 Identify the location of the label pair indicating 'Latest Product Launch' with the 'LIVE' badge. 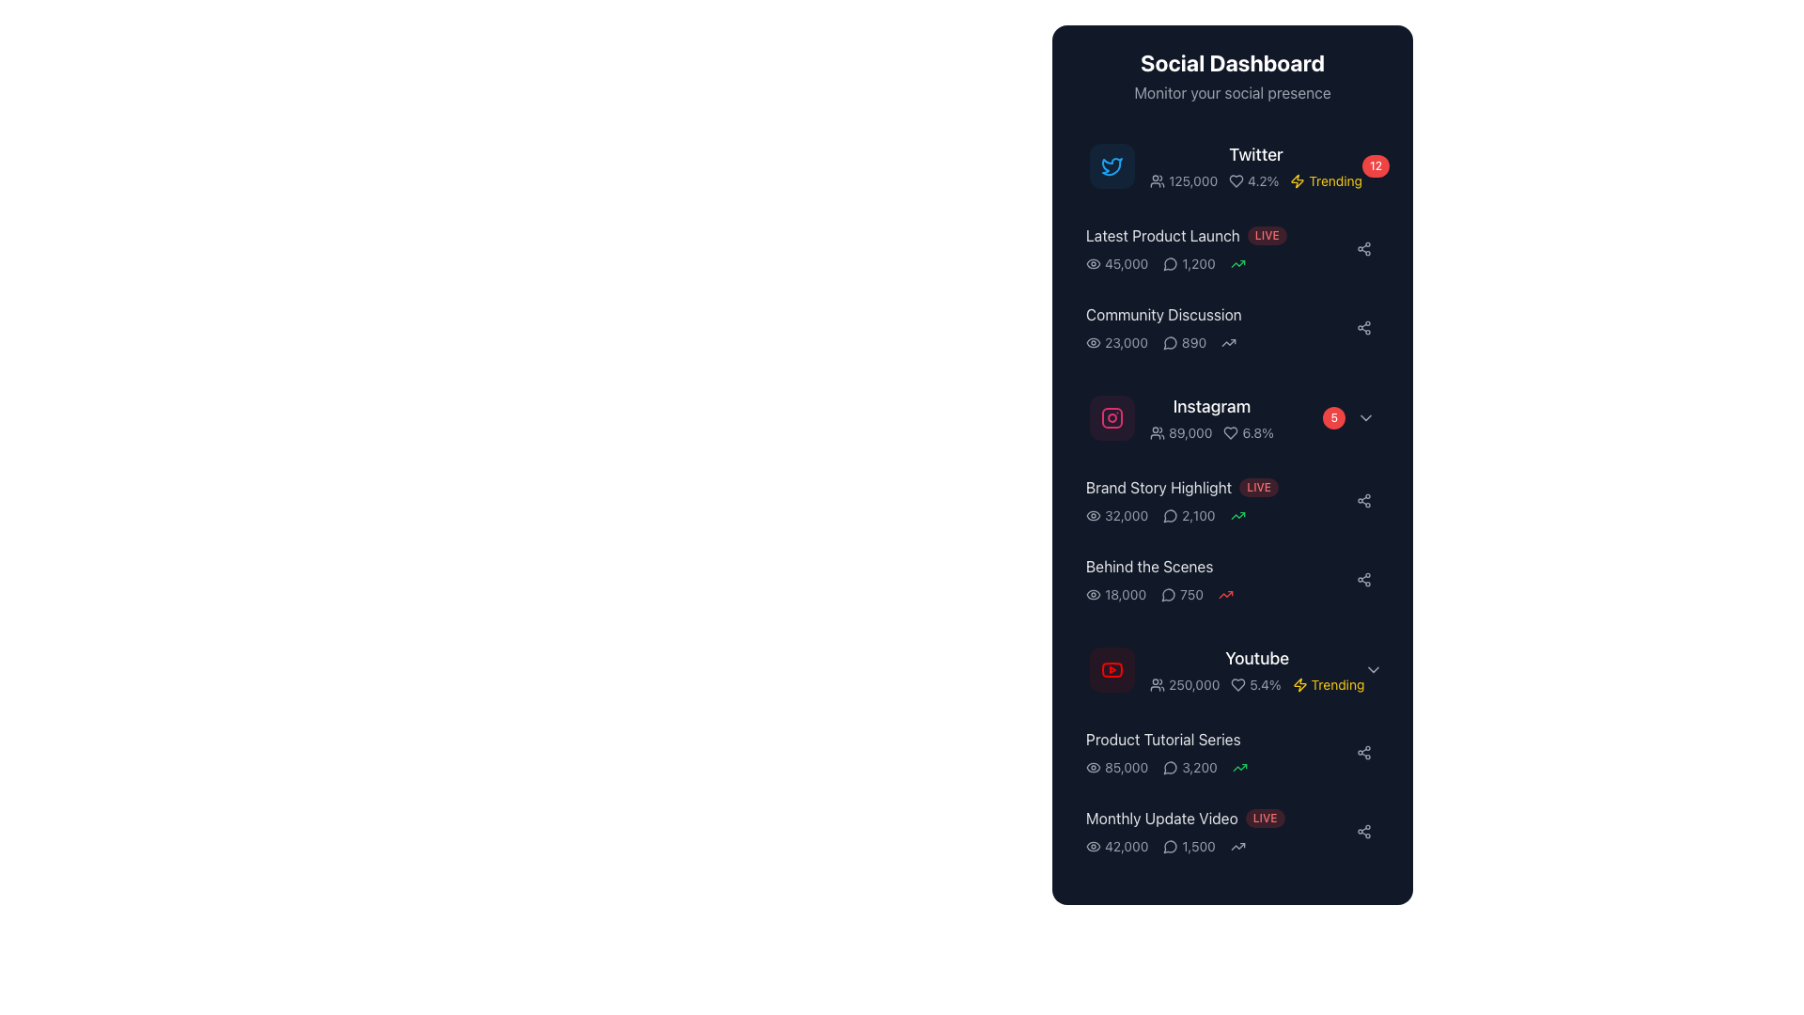
(1218, 234).